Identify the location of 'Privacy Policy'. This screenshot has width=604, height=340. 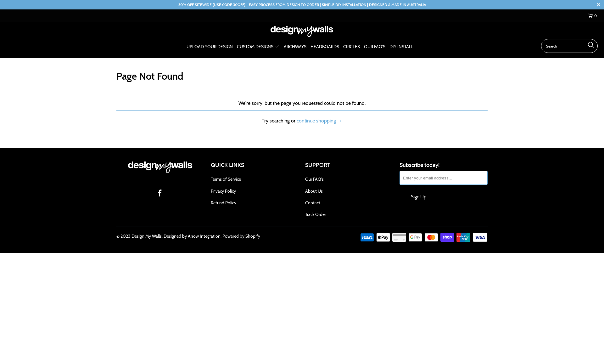
(211, 190).